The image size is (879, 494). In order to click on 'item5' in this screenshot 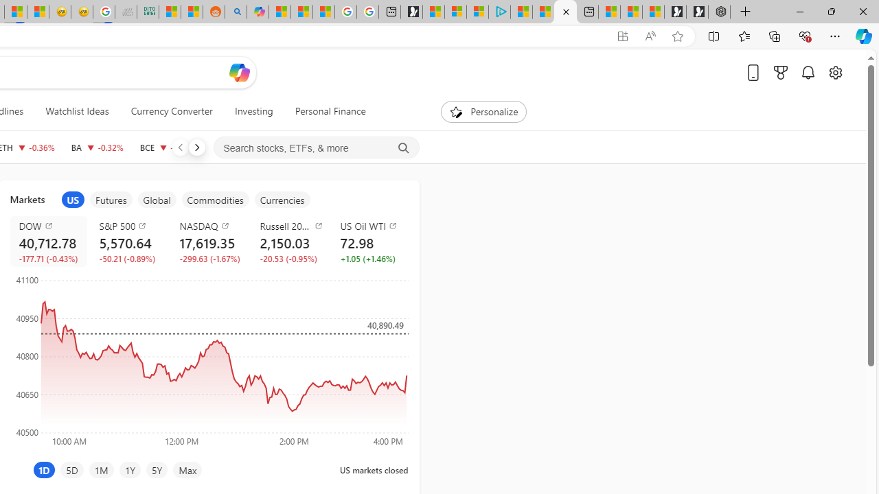, I will do `click(281, 200)`.